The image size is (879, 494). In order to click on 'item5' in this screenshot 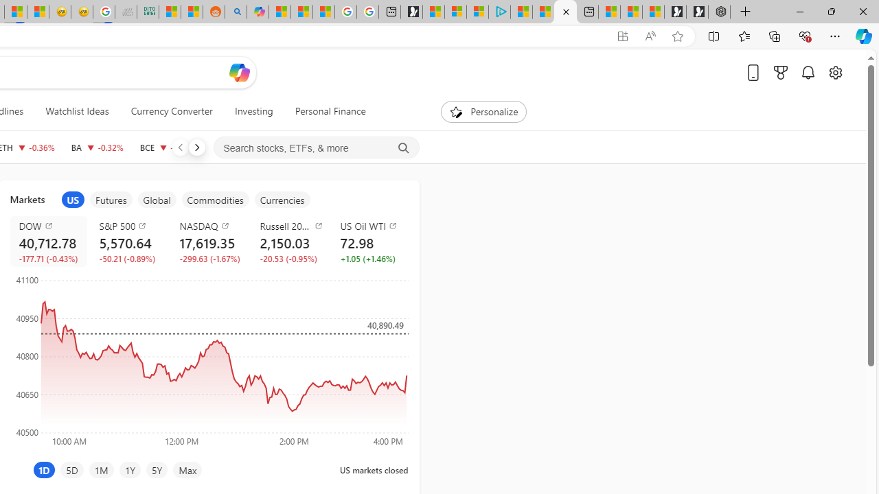, I will do `click(281, 200)`.